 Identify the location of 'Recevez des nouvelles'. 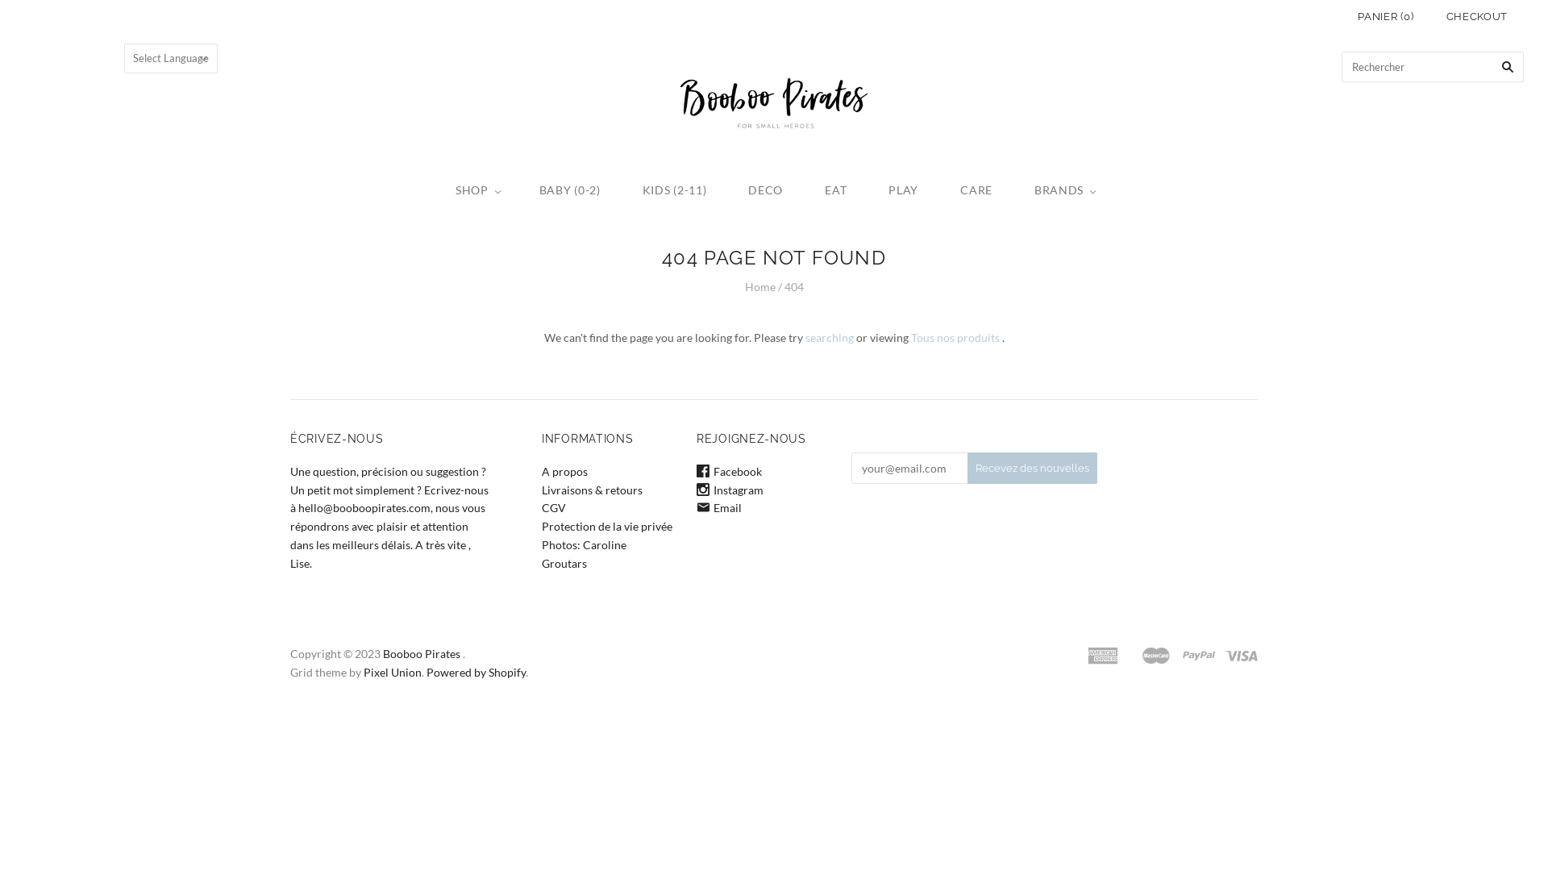
(1032, 468).